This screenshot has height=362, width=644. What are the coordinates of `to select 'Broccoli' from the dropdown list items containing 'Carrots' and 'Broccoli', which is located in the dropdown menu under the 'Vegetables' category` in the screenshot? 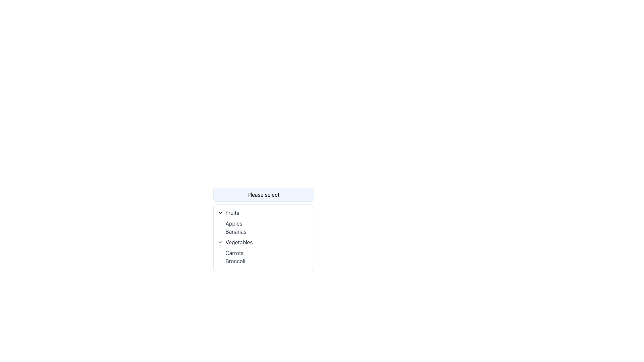 It's located at (263, 257).